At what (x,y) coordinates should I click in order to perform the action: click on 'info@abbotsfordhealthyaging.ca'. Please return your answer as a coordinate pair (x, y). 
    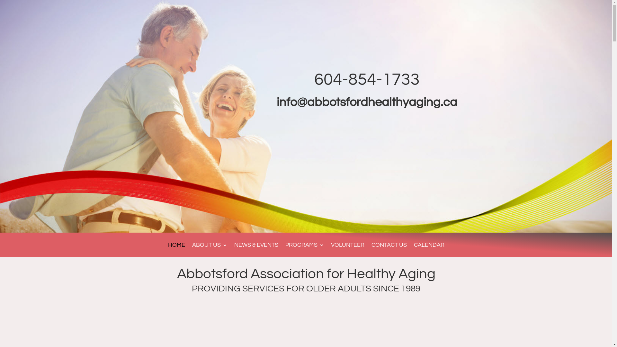
    Looking at the image, I should click on (367, 102).